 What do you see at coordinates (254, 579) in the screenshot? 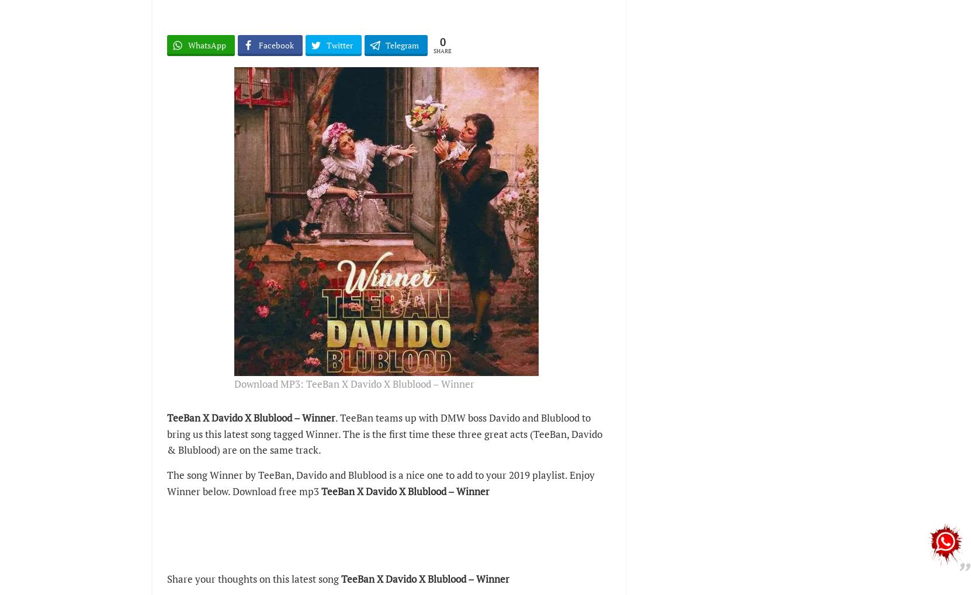
I see `'Share your thoughts on this latest song'` at bounding box center [254, 579].